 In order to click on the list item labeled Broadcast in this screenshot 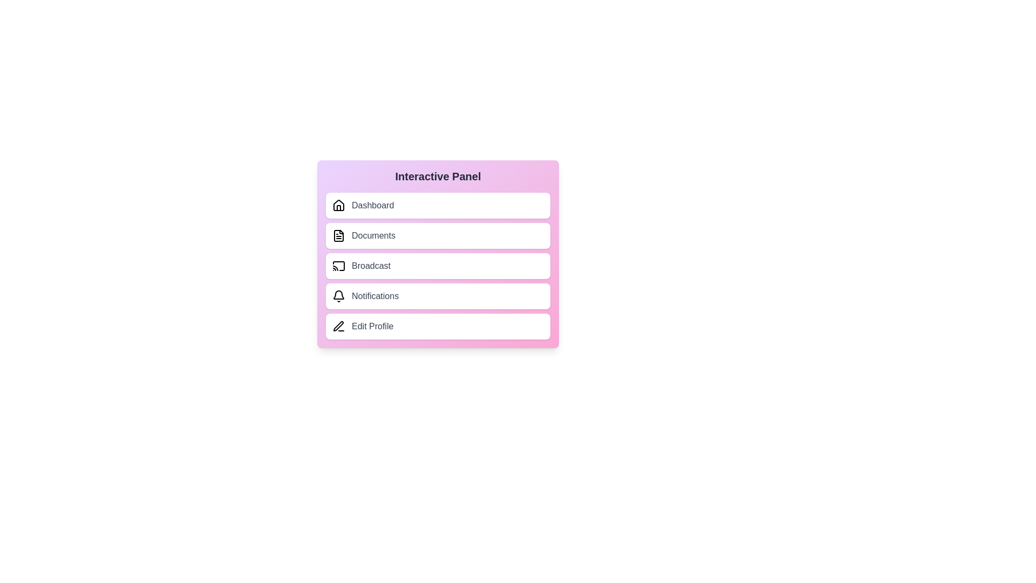, I will do `click(438, 266)`.